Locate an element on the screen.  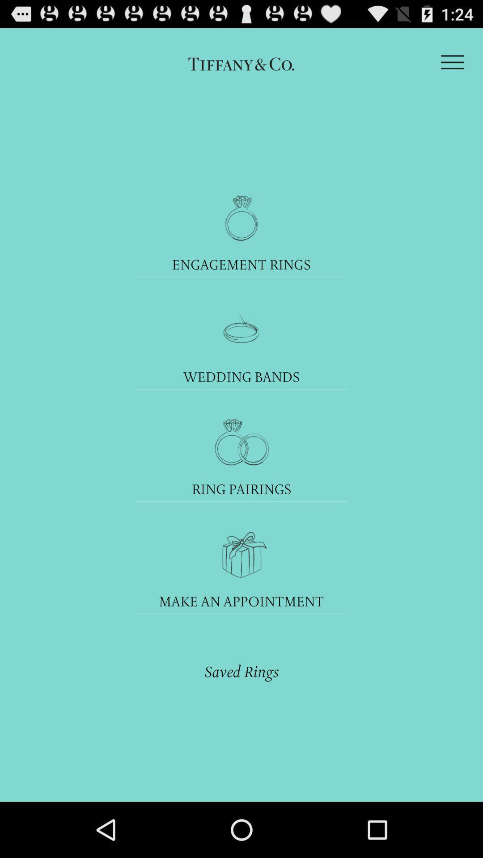
saved rings item is located at coordinates (241, 671).